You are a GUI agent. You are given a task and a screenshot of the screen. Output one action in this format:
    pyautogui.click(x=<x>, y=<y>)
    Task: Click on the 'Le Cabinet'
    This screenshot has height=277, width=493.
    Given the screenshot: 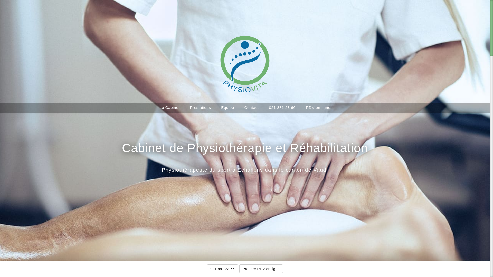 What is the action you would take?
    pyautogui.click(x=169, y=107)
    